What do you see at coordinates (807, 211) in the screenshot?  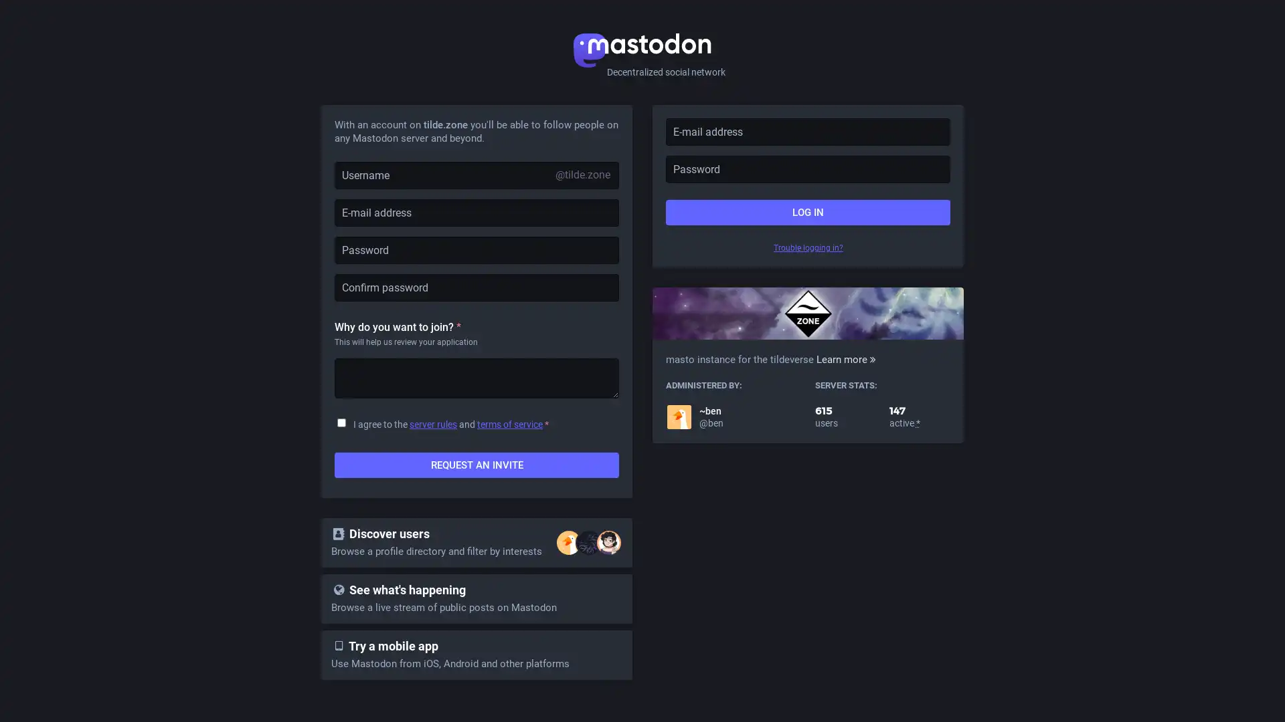 I see `LOG IN` at bounding box center [807, 211].